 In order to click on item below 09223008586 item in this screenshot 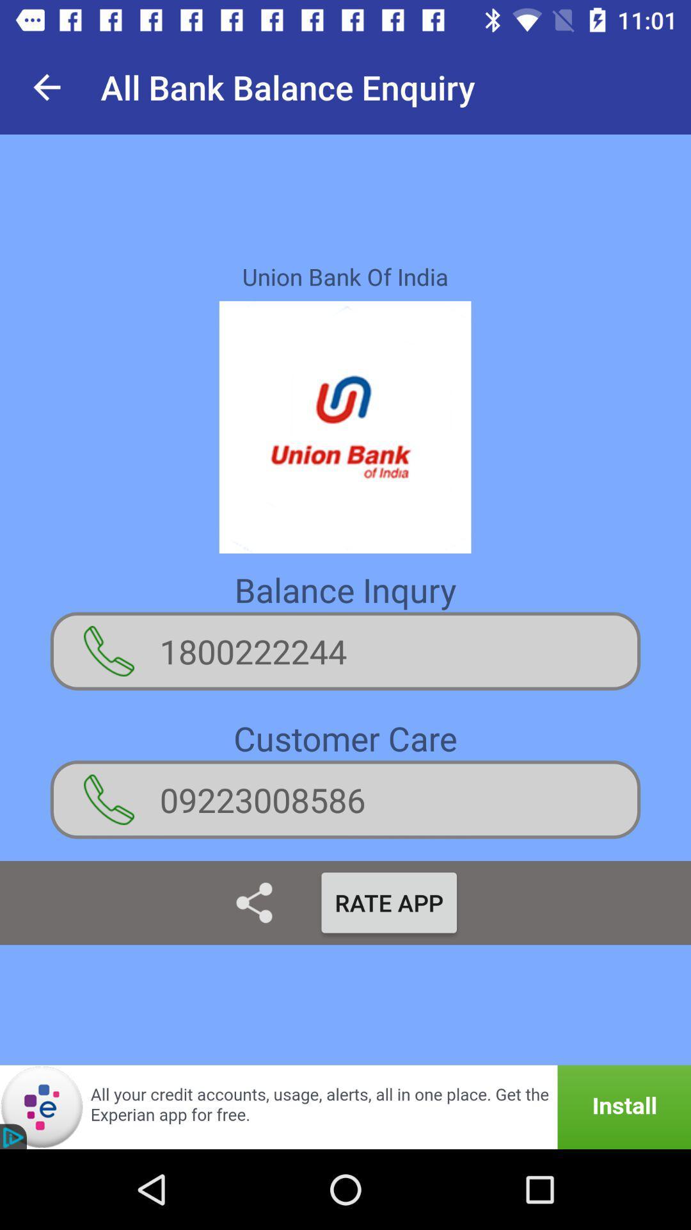, I will do `click(388, 902)`.